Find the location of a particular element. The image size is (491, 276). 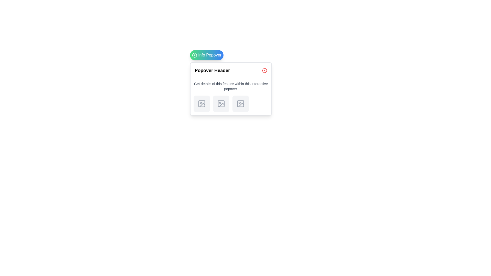

the image placeholders in the Popover panel that displays additional information related to the 'Info Popover' button is located at coordinates (231, 88).